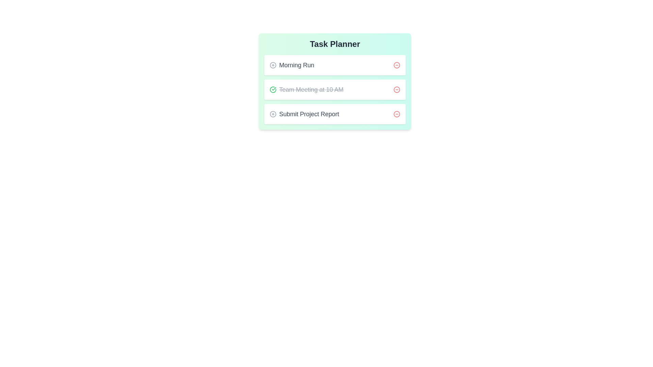 The image size is (653, 367). I want to click on the delete button of the task with name Team Meeting at 10 AM, so click(397, 89).